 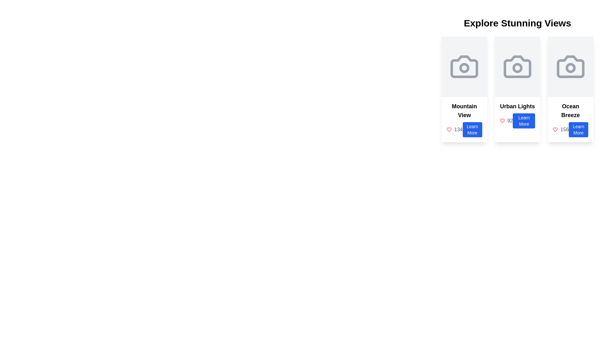 What do you see at coordinates (517, 67) in the screenshot?
I see `the camera icon representing 'Urban Lights' located in the center of the second card beneath the title 'Explore Stunning Views'` at bounding box center [517, 67].